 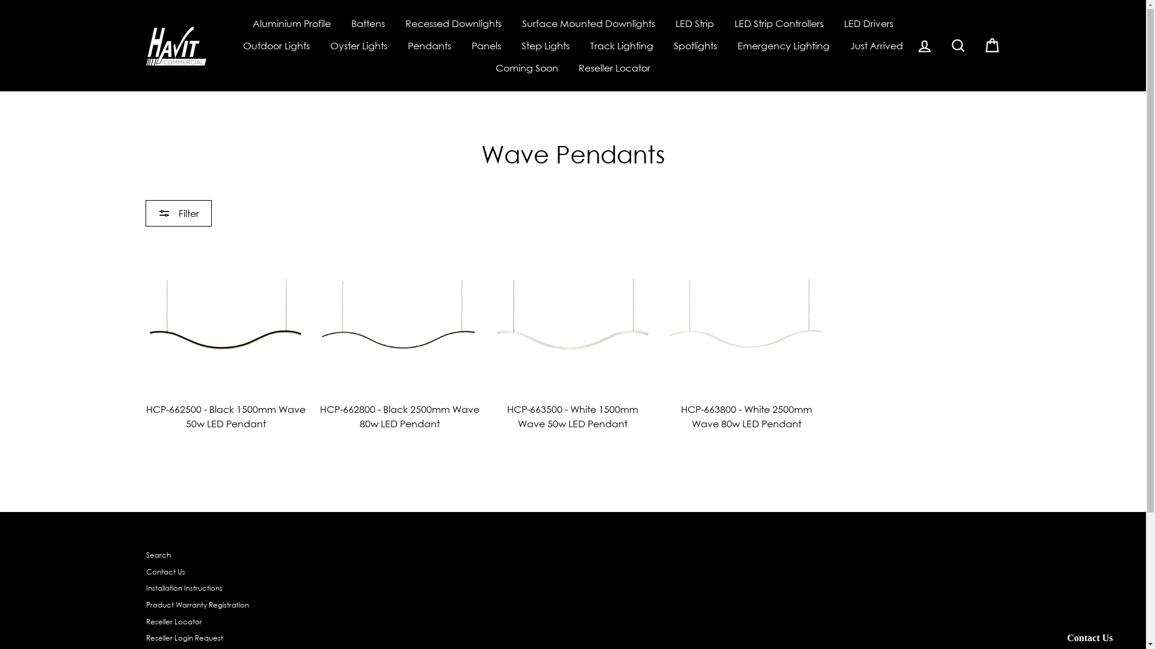 What do you see at coordinates (923, 45) in the screenshot?
I see `'Log in'` at bounding box center [923, 45].